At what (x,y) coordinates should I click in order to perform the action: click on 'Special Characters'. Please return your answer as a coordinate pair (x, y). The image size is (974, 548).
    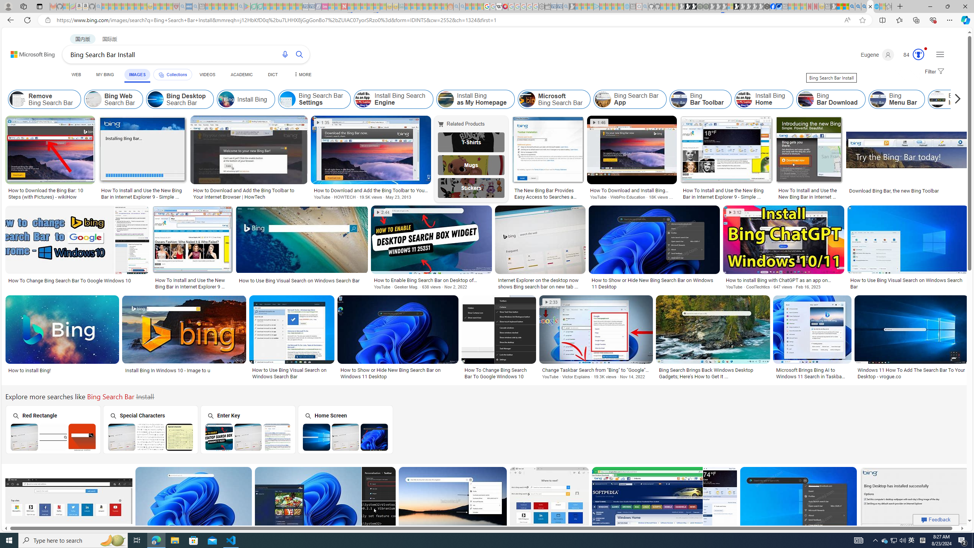
    Looking at the image, I should click on (150, 429).